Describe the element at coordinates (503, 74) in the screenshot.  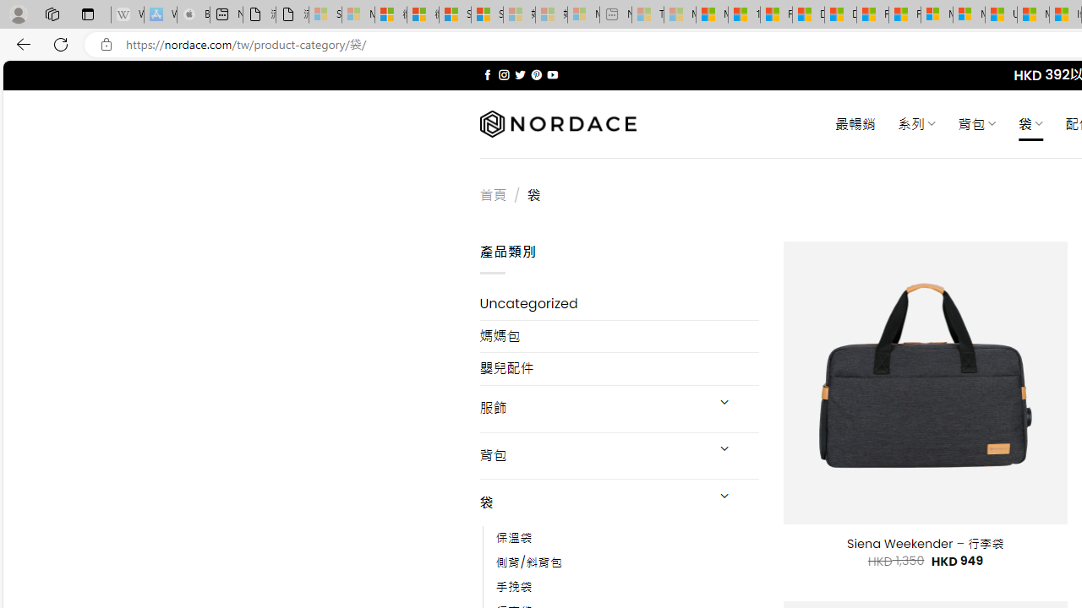
I see `'Follow on Instagram'` at that location.